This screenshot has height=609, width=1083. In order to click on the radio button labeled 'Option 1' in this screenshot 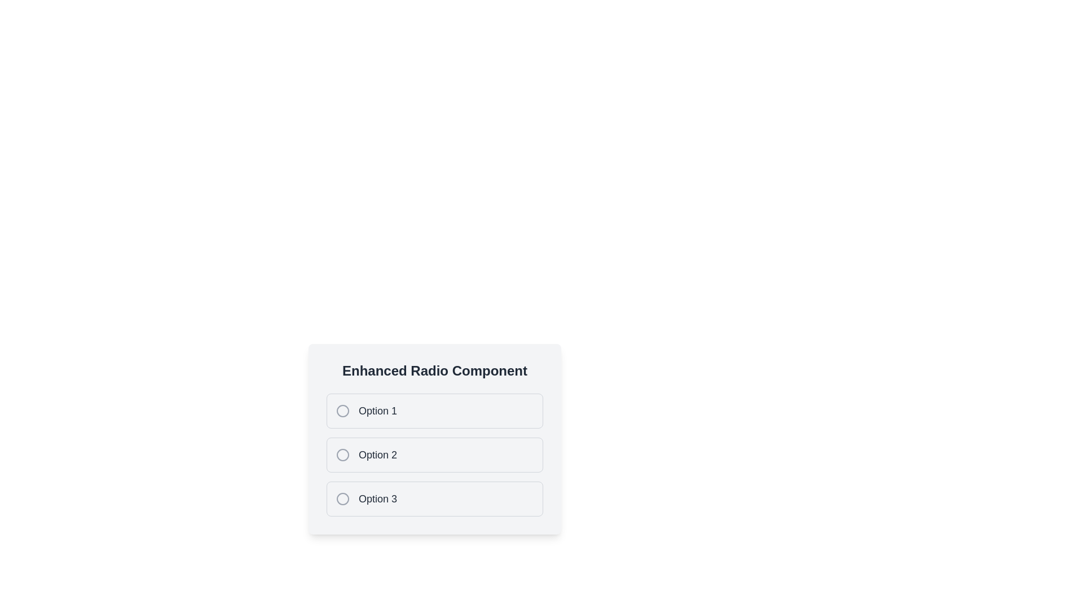, I will do `click(434, 411)`.